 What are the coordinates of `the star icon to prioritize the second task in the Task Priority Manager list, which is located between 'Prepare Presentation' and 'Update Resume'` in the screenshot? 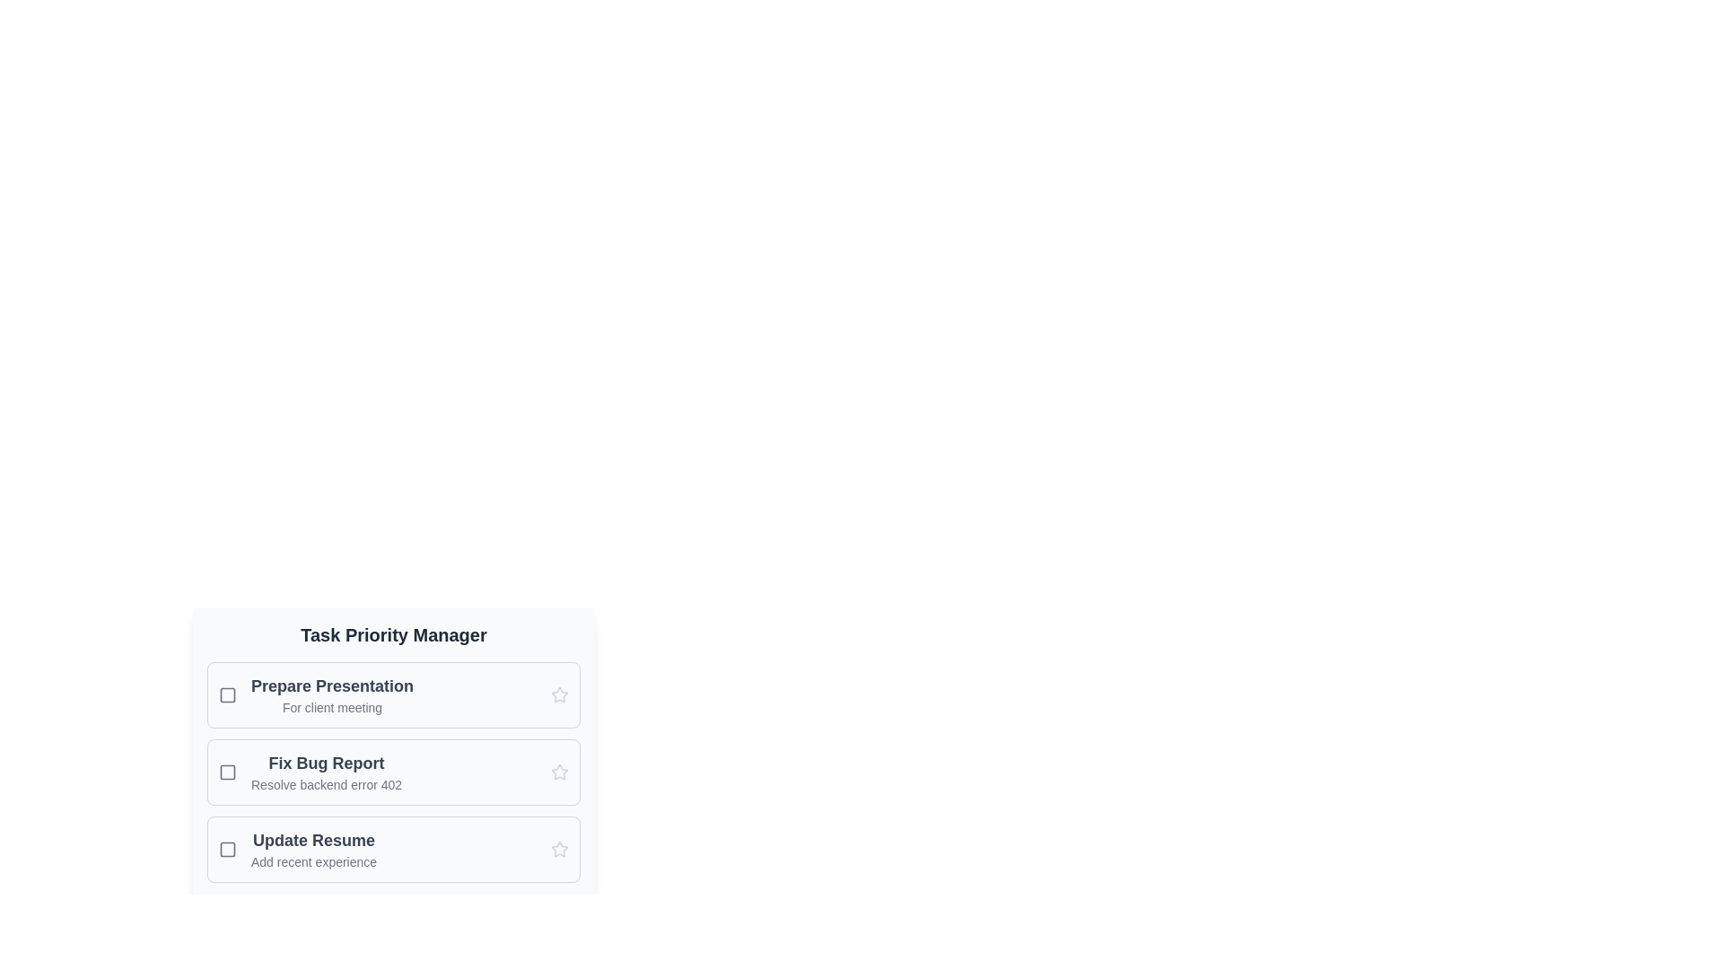 It's located at (392, 771).